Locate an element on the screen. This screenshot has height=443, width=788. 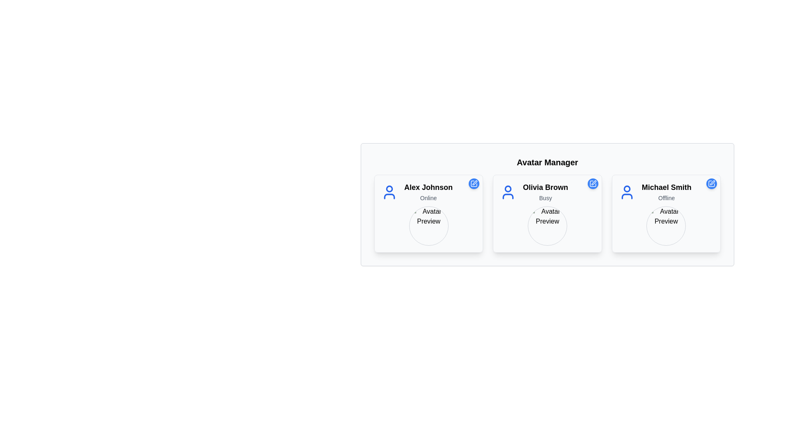
the circular SVG graphical element representing the user's outline in the profile card for 'Olivia Brown' is located at coordinates (508, 189).